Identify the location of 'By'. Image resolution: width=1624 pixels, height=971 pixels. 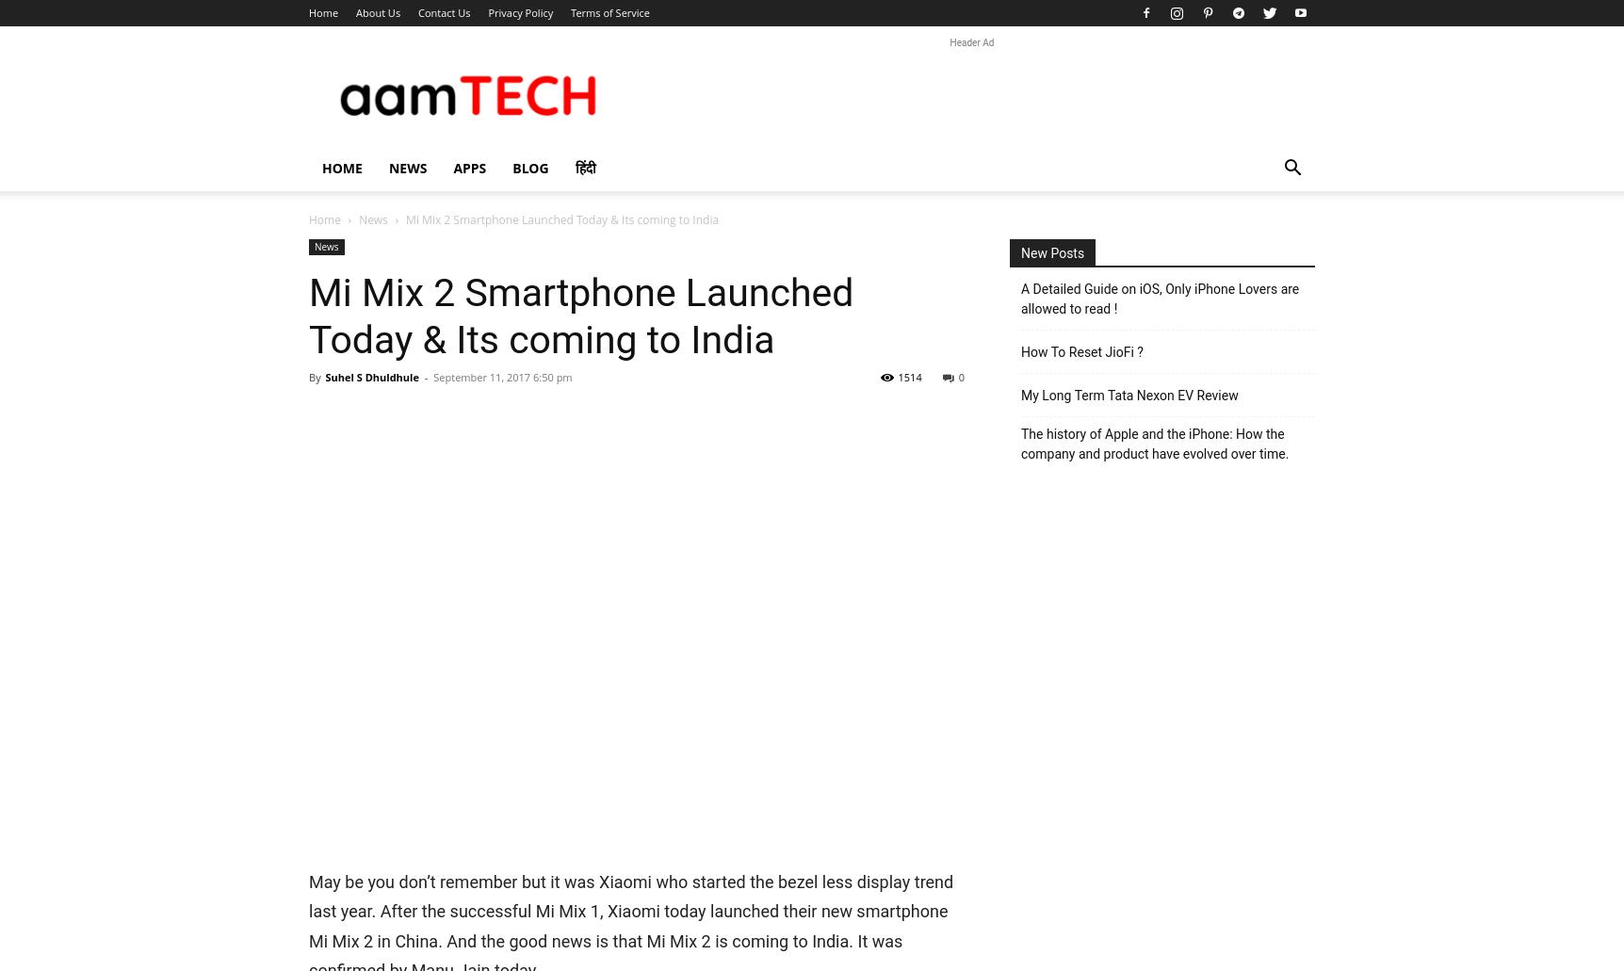
(314, 376).